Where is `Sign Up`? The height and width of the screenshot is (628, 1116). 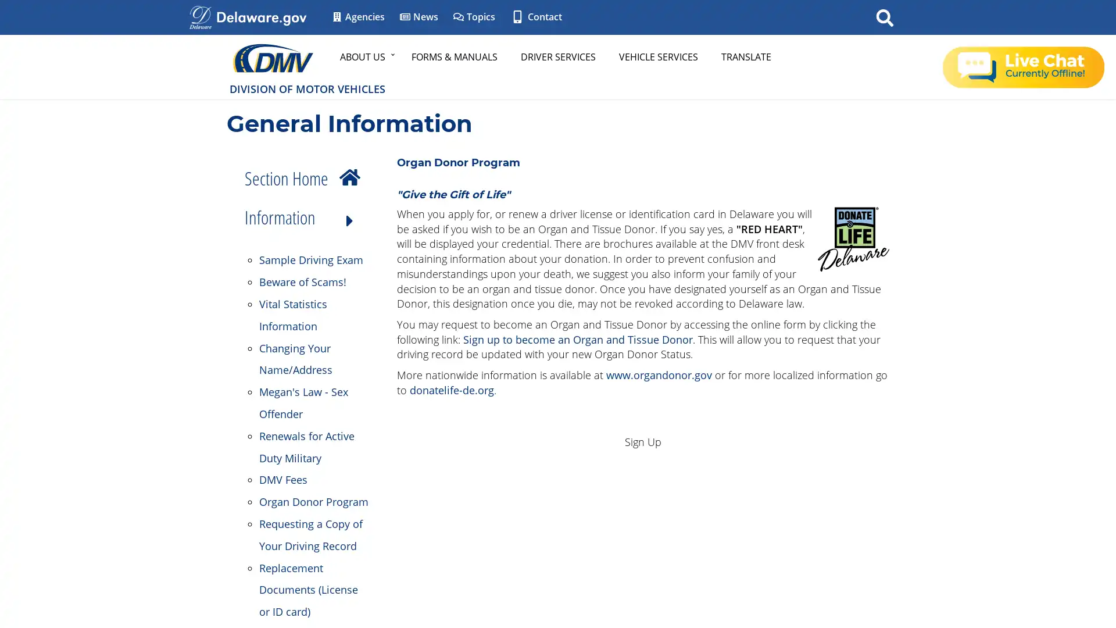
Sign Up is located at coordinates (642, 441).